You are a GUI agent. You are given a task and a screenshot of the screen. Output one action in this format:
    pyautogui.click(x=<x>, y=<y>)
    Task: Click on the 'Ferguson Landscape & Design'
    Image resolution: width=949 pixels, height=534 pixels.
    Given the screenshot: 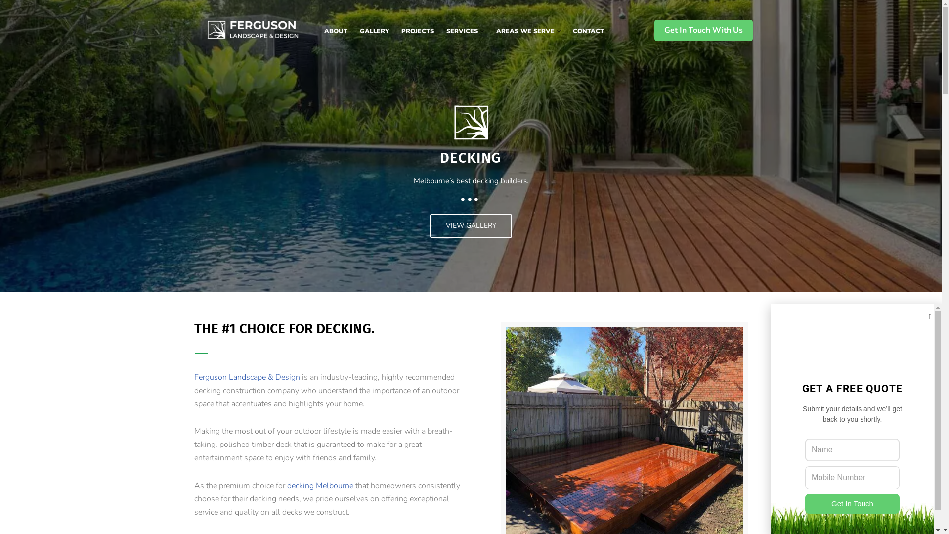 What is the action you would take?
    pyautogui.click(x=194, y=377)
    